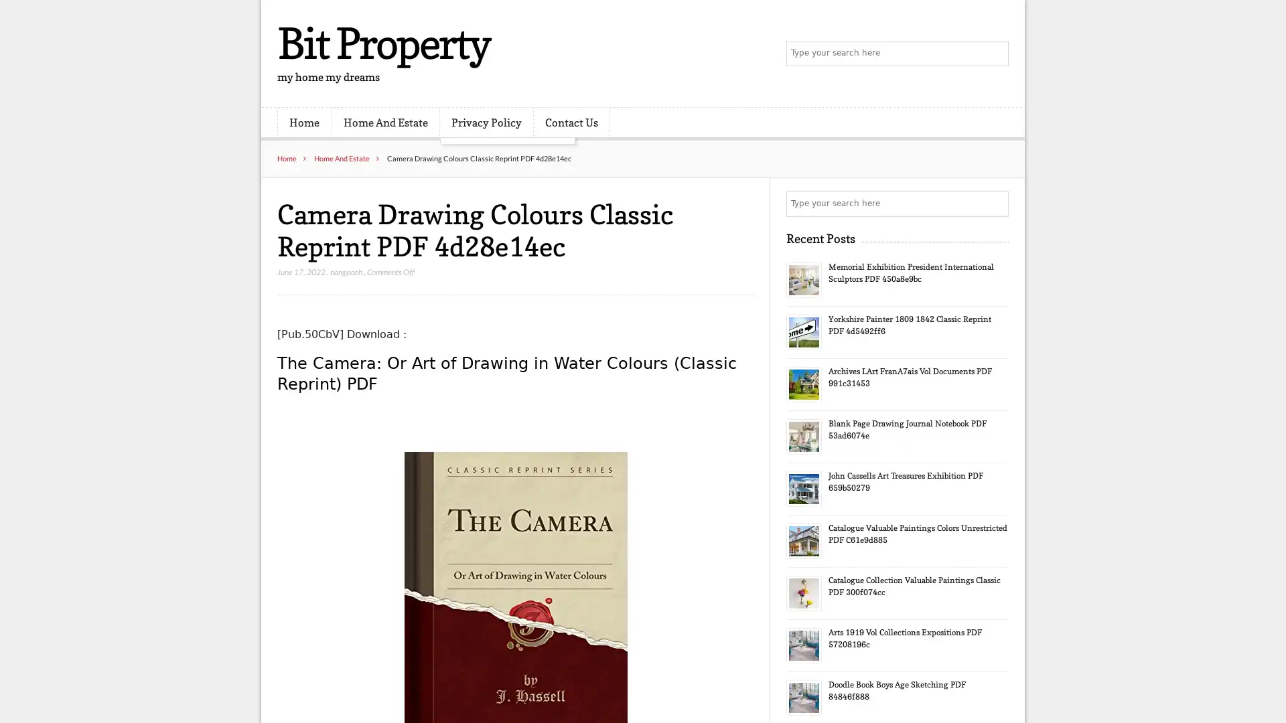  Describe the element at coordinates (995, 54) in the screenshot. I see `Search` at that location.